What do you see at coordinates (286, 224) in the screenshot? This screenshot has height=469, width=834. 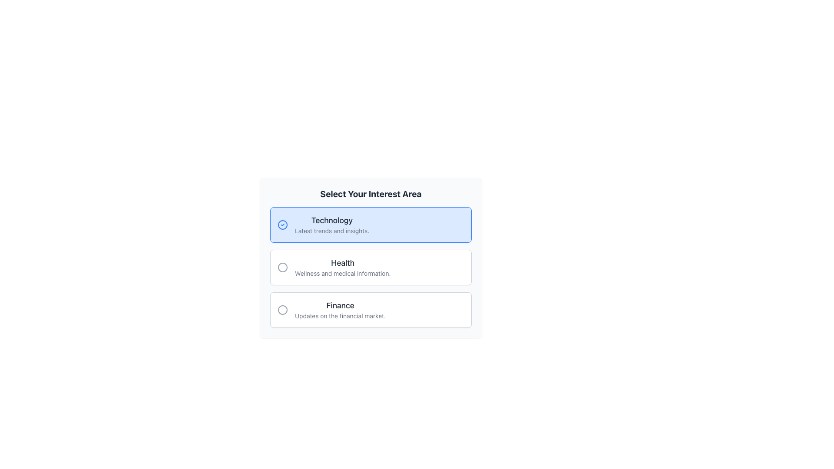 I see `the selection confirmation icon for the 'Technology' option` at bounding box center [286, 224].